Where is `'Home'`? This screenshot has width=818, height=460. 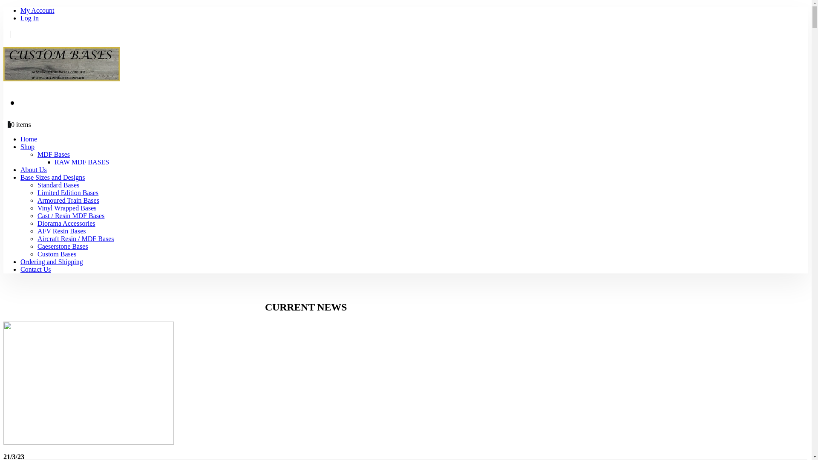
'Home' is located at coordinates (20, 138).